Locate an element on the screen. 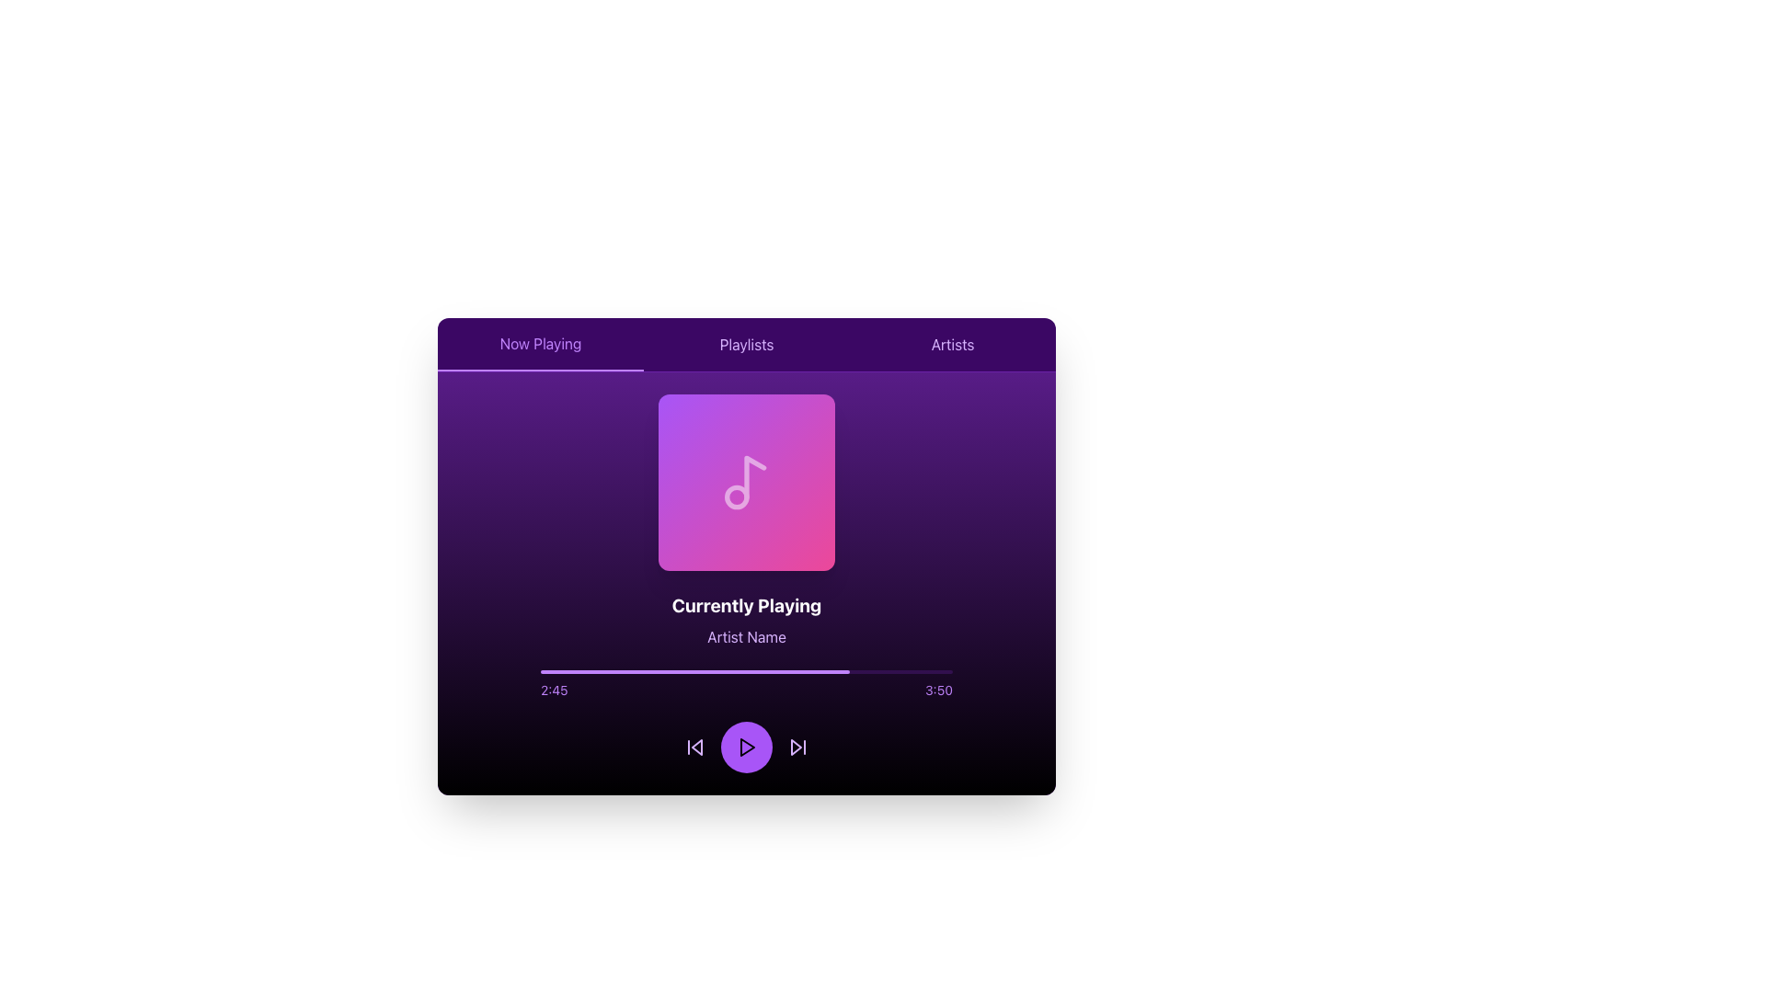 This screenshot has width=1766, height=993. text label displaying the name of the currently playing artist, located beneath 'Currently Playing' and above the progress bar is located at coordinates (746, 636).